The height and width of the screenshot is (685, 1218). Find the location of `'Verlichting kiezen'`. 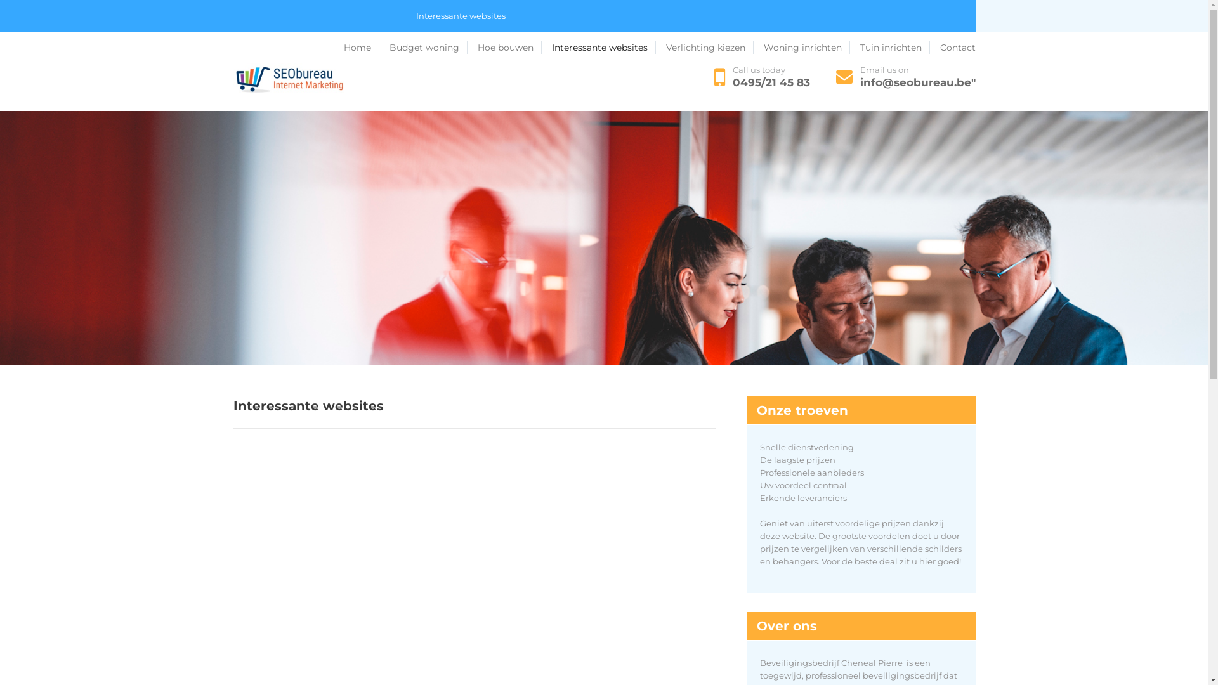

'Verlichting kiezen' is located at coordinates (749, 47).